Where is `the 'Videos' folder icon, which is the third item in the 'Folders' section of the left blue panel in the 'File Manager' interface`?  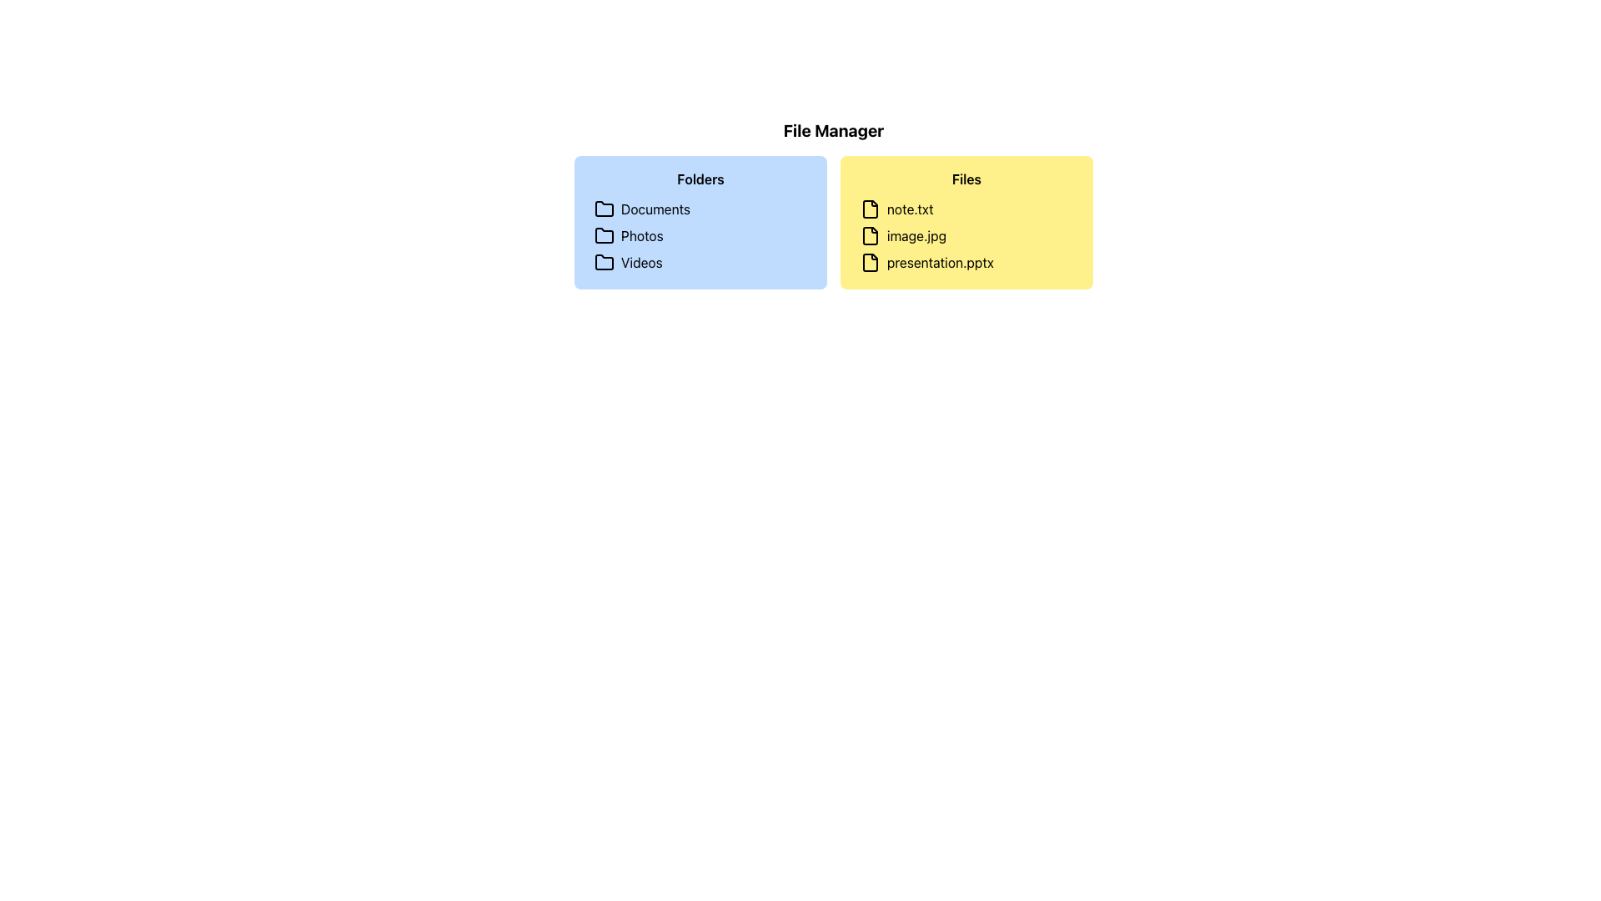 the 'Videos' folder icon, which is the third item in the 'Folders' section of the left blue panel in the 'File Manager' interface is located at coordinates (603, 262).